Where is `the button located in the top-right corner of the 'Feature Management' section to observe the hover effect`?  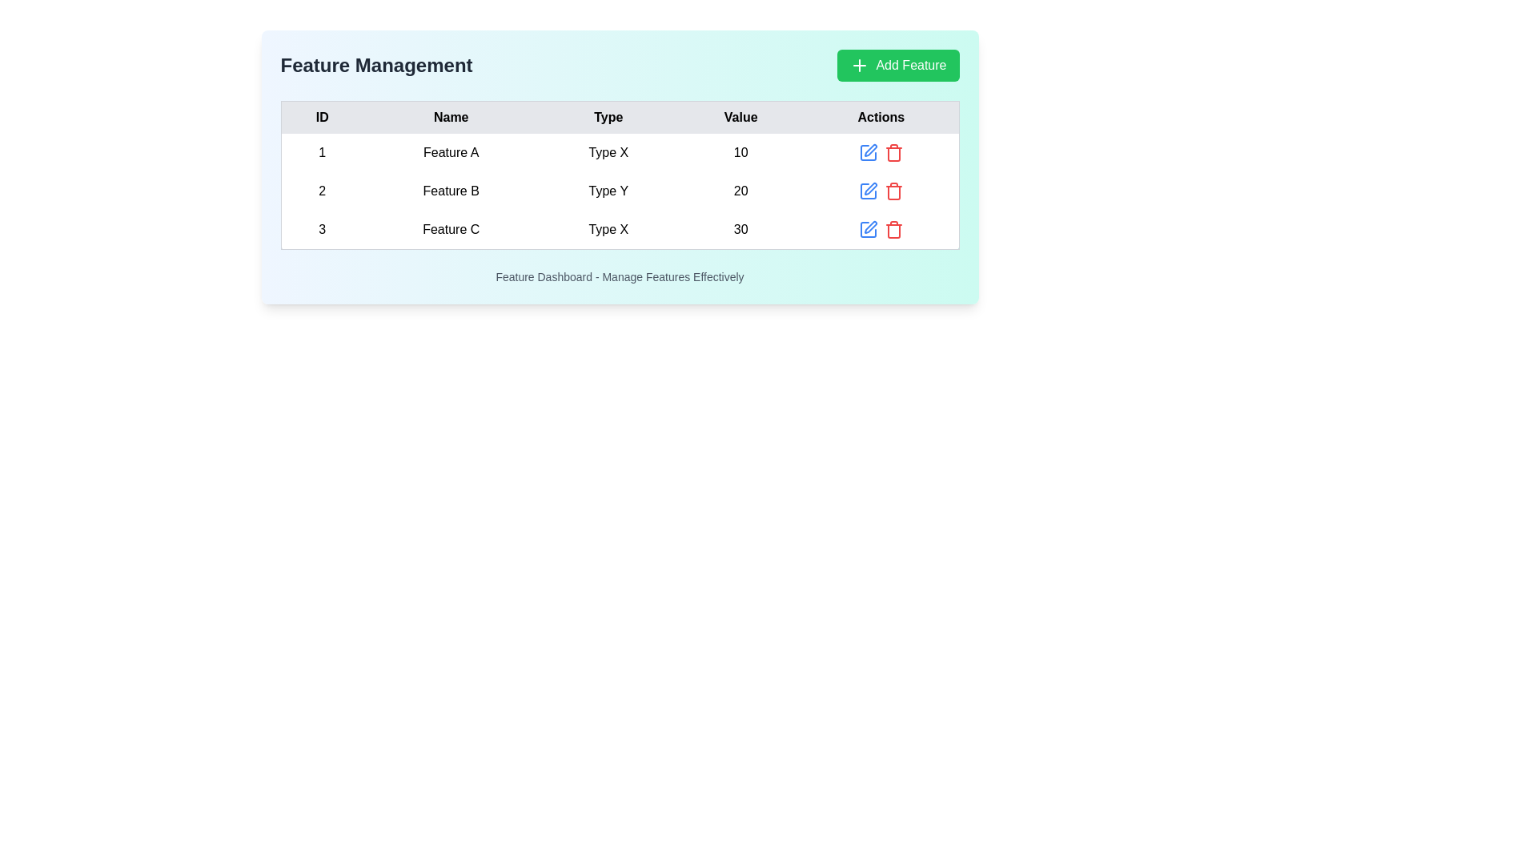 the button located in the top-right corner of the 'Feature Management' section to observe the hover effect is located at coordinates (898, 64).